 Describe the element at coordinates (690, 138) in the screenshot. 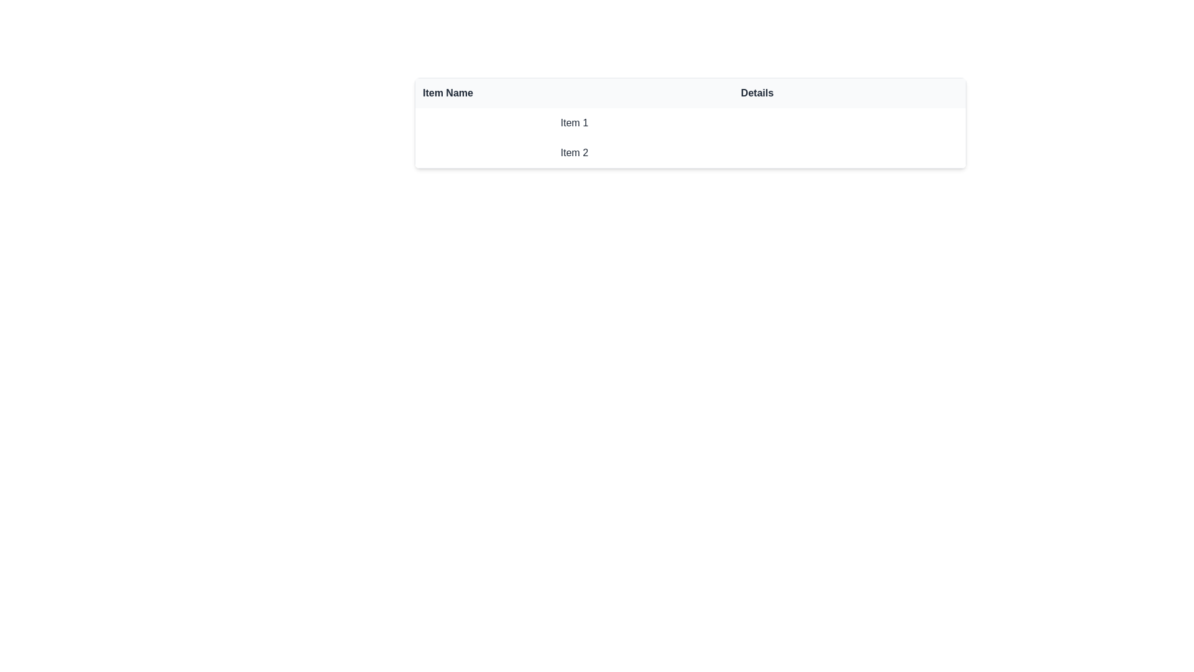

I see `the table row that displays data items for 'Item 1' and 'Item 2', located under the column headers 'Item Name' and 'Details'` at that location.